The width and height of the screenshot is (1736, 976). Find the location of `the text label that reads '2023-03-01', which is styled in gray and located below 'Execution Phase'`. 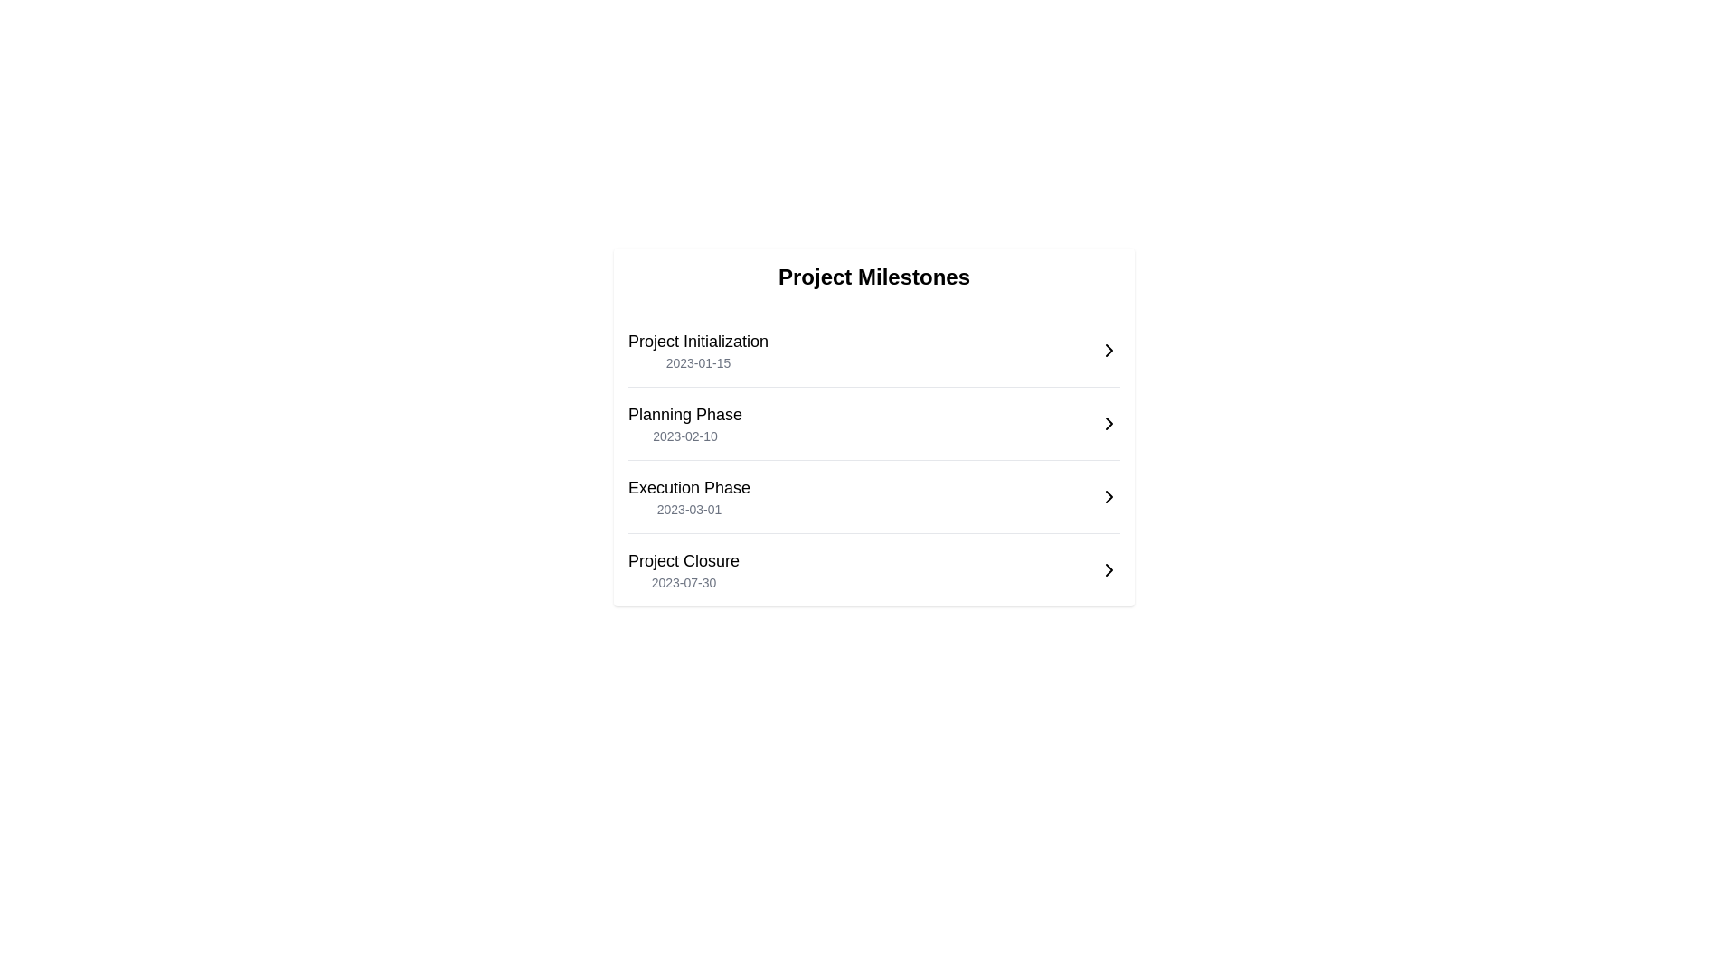

the text label that reads '2023-03-01', which is styled in gray and located below 'Execution Phase' is located at coordinates (688, 509).